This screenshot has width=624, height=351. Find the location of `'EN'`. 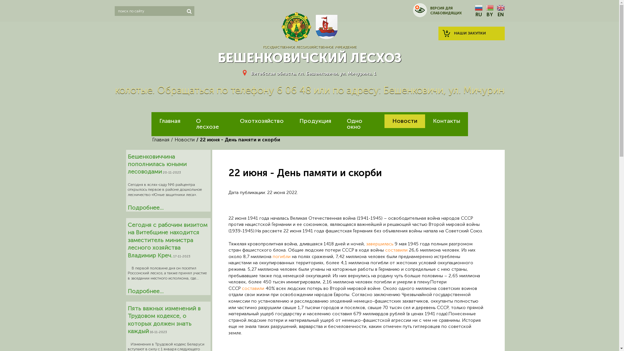

'EN' is located at coordinates (500, 11).